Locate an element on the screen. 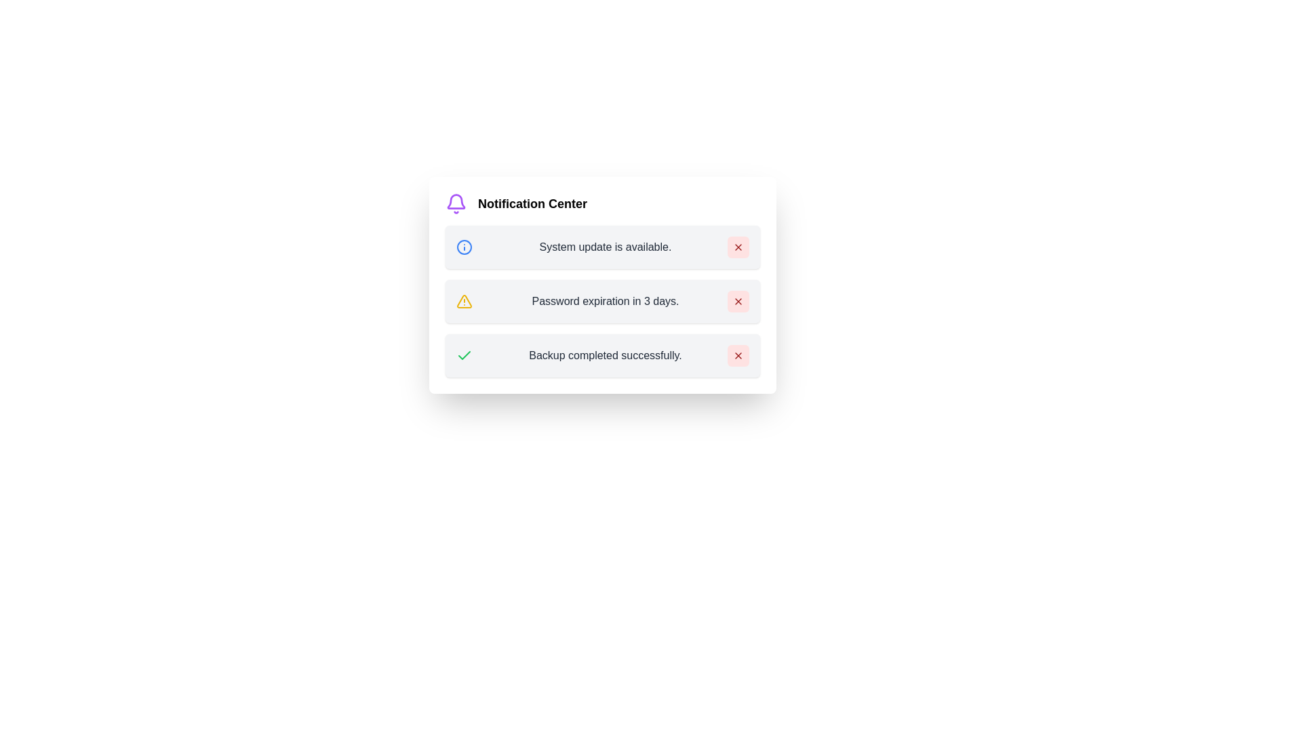  the bell icon in the Notification Center header is located at coordinates (456, 203).